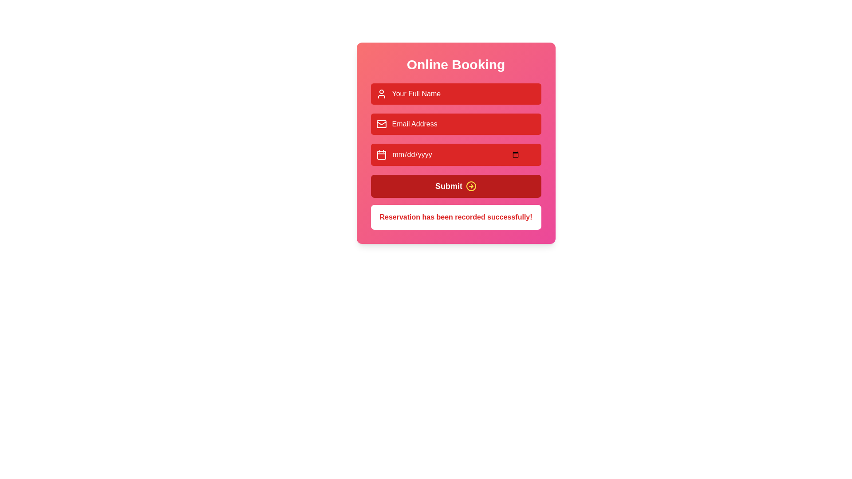 The image size is (852, 479). What do you see at coordinates (381, 94) in the screenshot?
I see `the SVG icon indicating the purpose of the adjacent text input field for the user's full name, located to the left of the red input box labeled 'Your Full Name.'` at bounding box center [381, 94].